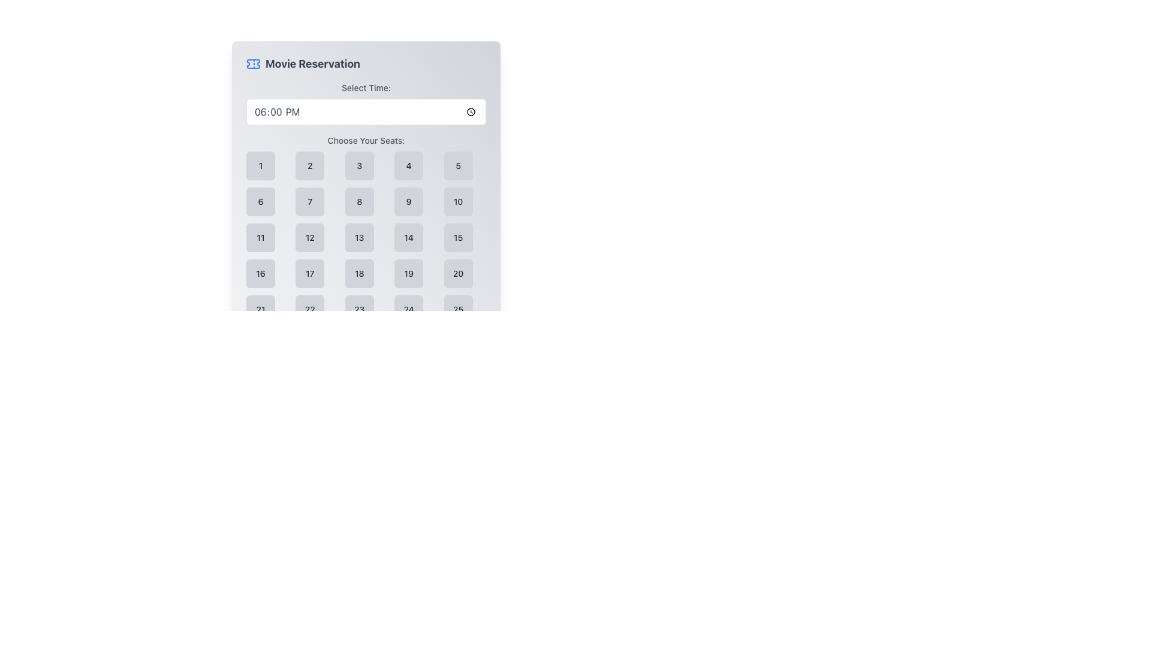  What do you see at coordinates (260, 273) in the screenshot?
I see `the seat selection button labeled '16' located in the fourth row of five buttons under 'Choose Your Seats'` at bounding box center [260, 273].